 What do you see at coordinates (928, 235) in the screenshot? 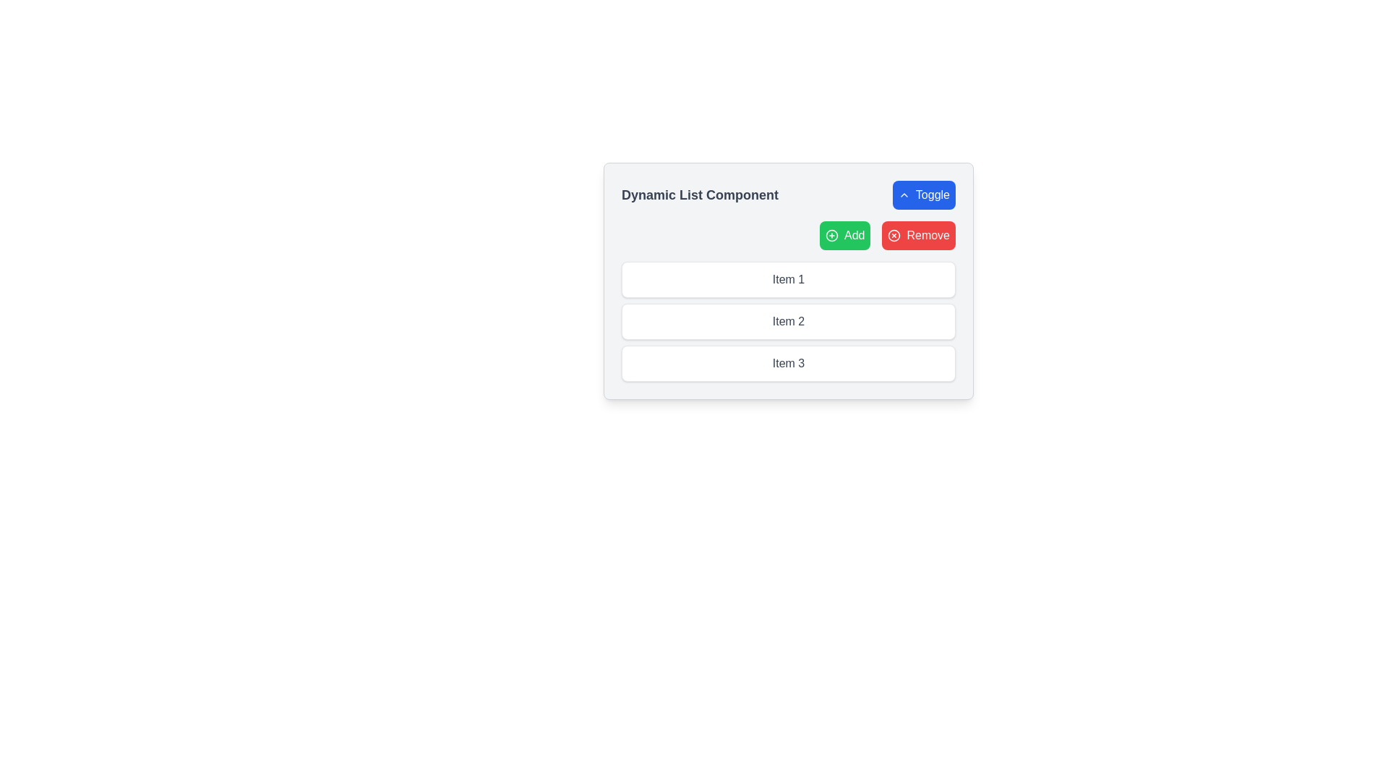
I see `the Text Label that serves as the visible label for a button triggering a removal action, located to the right of a green 'Add' button and below a blue 'Toggle' button` at bounding box center [928, 235].